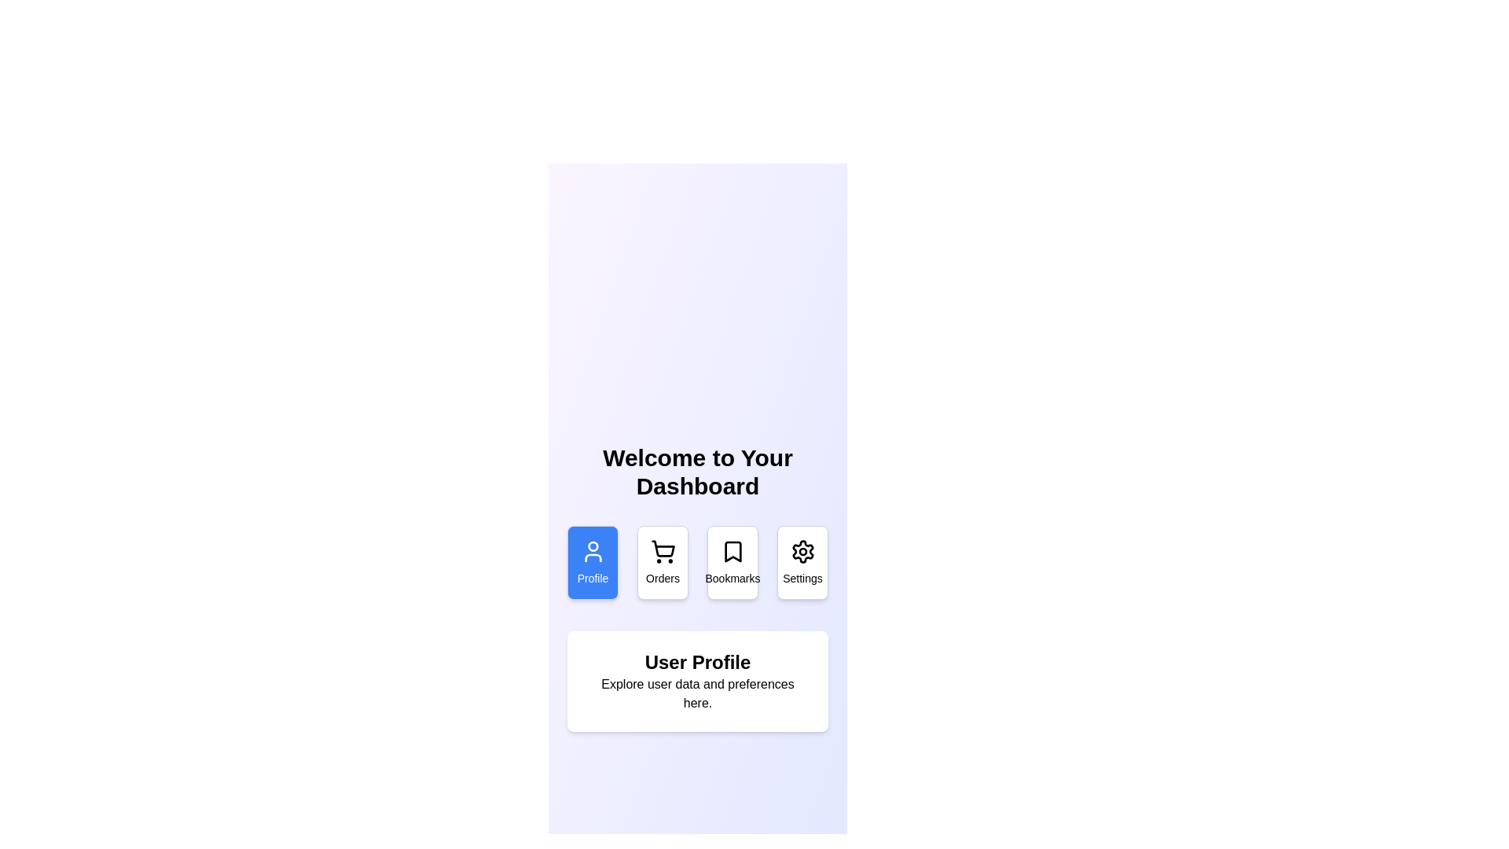 The image size is (1509, 849). I want to click on the 'Settings' text label located at the bottom of the fourth card in a horizontally aligned group of four cards below 'Welcome to Your Dashboard.', so click(802, 579).